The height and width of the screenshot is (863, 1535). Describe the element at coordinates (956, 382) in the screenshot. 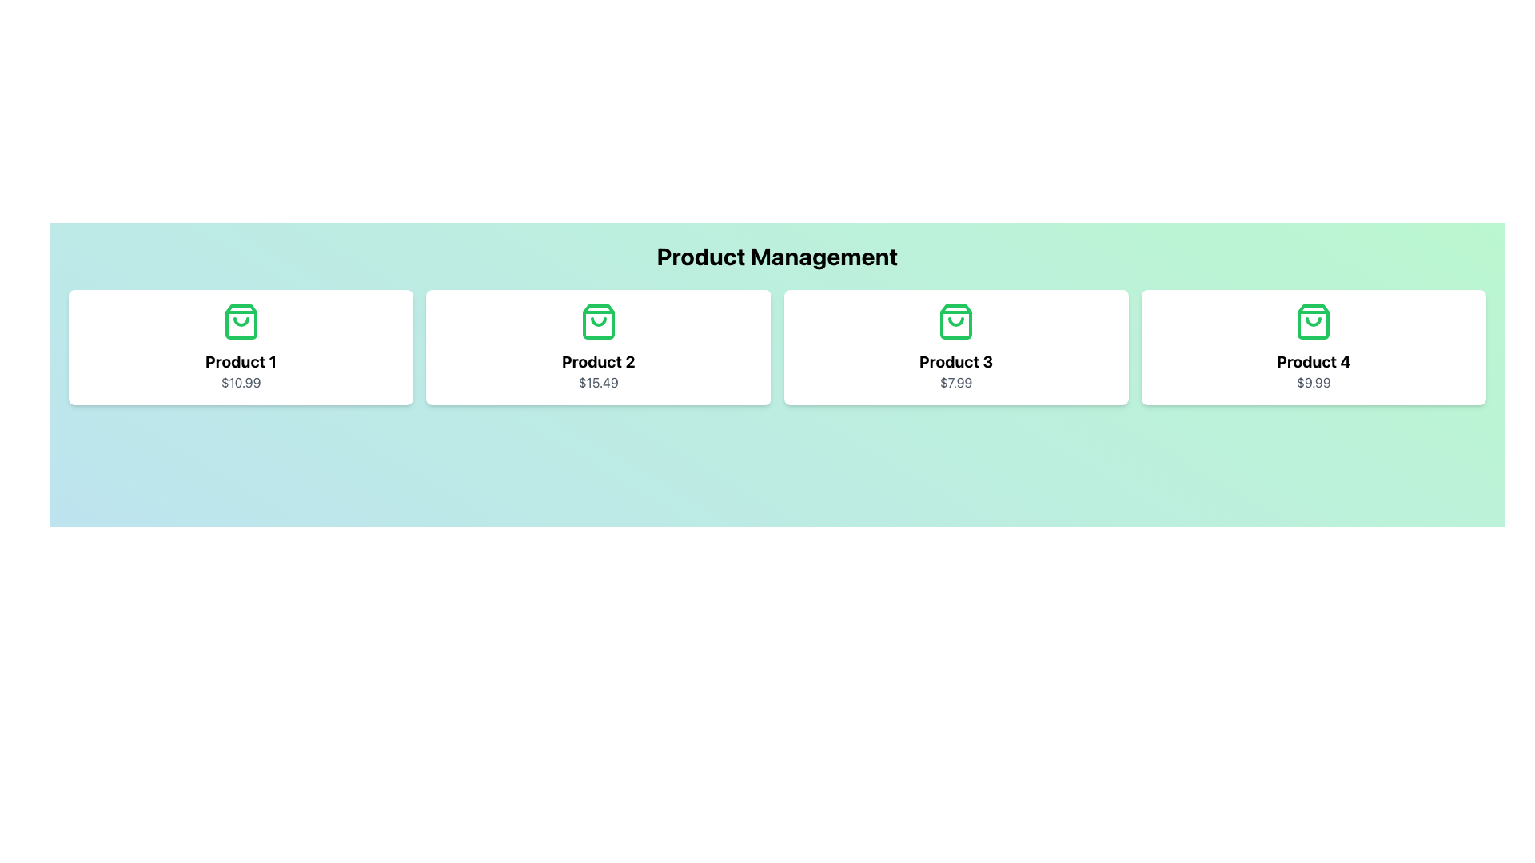

I see `price value displayed in the text label located below the product name 'Product 3' in the third product card from the left` at that location.